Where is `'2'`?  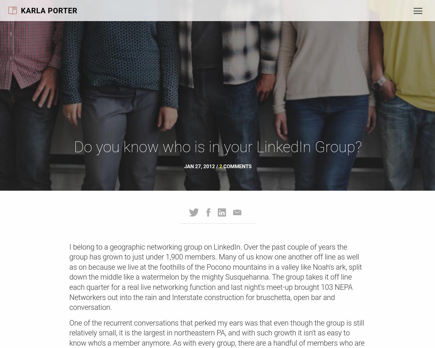 '2' is located at coordinates (220, 167).